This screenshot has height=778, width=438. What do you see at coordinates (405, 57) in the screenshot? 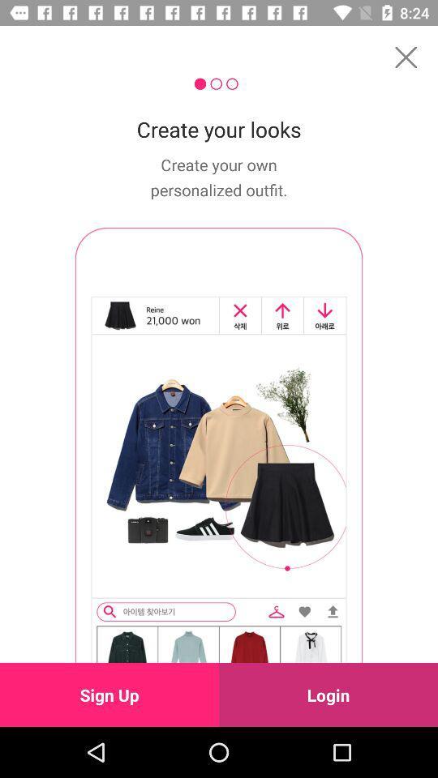
I see `the close icon` at bounding box center [405, 57].